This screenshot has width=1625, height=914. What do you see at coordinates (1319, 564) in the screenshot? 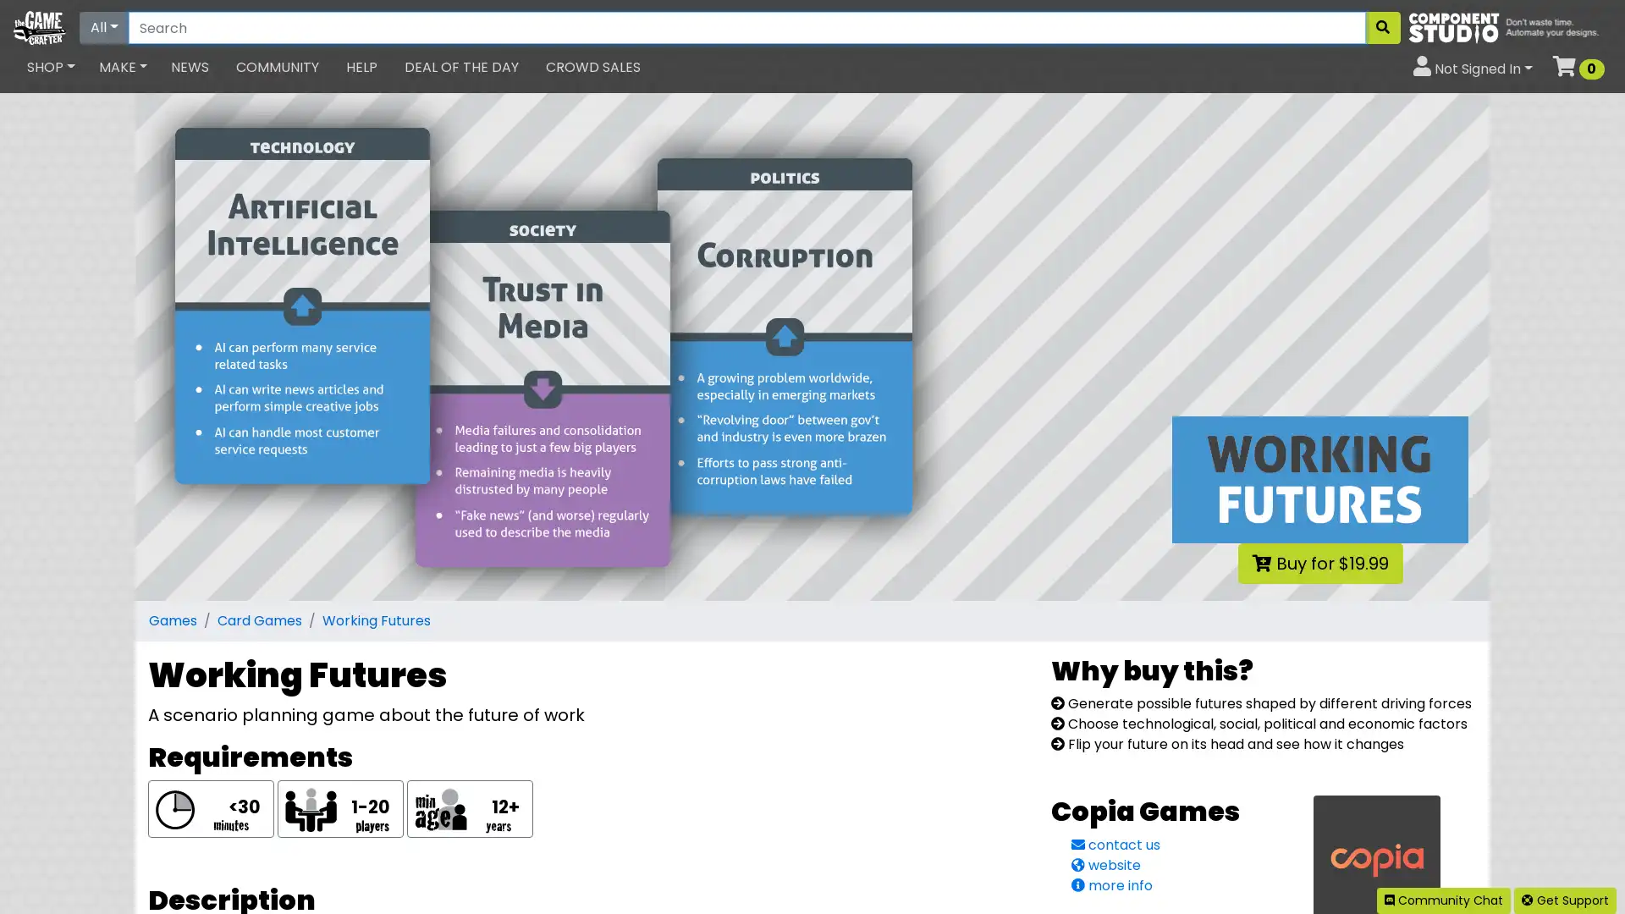
I see `Buy for $19.99` at bounding box center [1319, 564].